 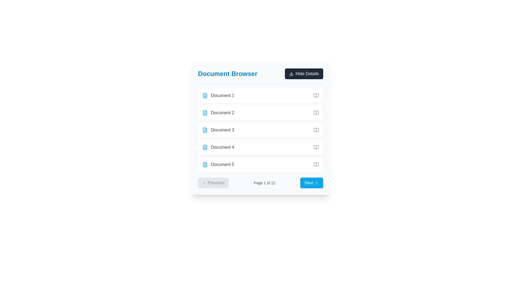 What do you see at coordinates (316, 113) in the screenshot?
I see `the small gray open book icon located in the 'Document Browser' list next to 'Document 2'` at bounding box center [316, 113].